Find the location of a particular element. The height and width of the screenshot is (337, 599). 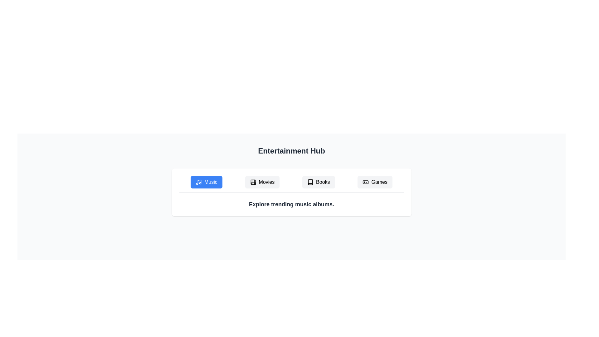

the Books tab is located at coordinates (319, 182).